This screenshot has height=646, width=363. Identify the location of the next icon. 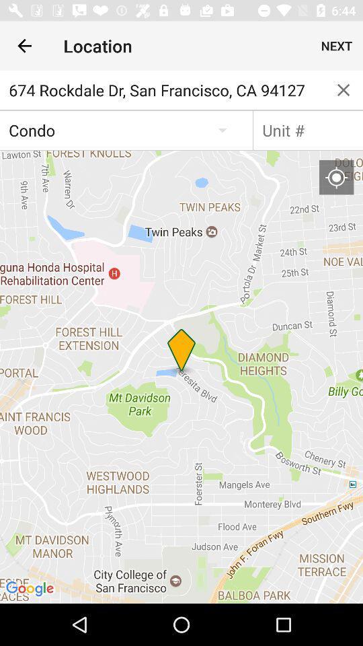
(336, 46).